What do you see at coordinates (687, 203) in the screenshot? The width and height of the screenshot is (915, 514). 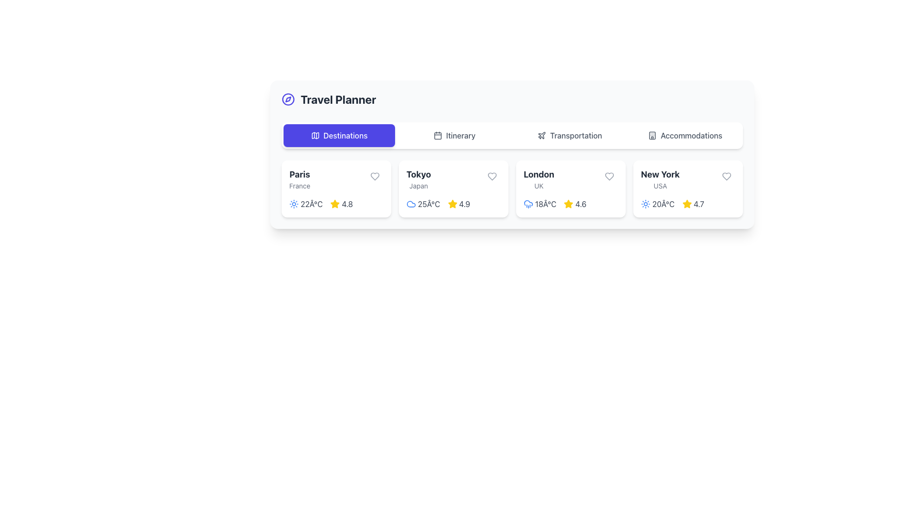 I see `the rating icon representing a score of '4.7' located to the right of the '20°C' text and weather icon within the New York, USA card` at bounding box center [687, 203].